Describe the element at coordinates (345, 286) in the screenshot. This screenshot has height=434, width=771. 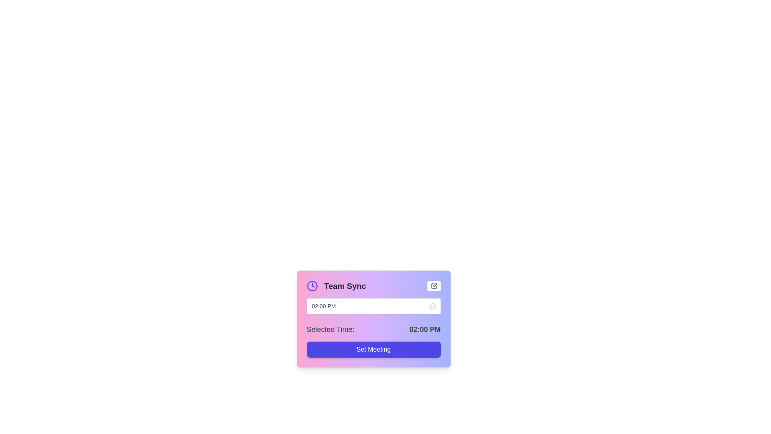
I see `the bold textual label 'Team Sync' styled with a large font size and dark gray color, which is positioned next to the circular clock icon and above the text input field` at that location.